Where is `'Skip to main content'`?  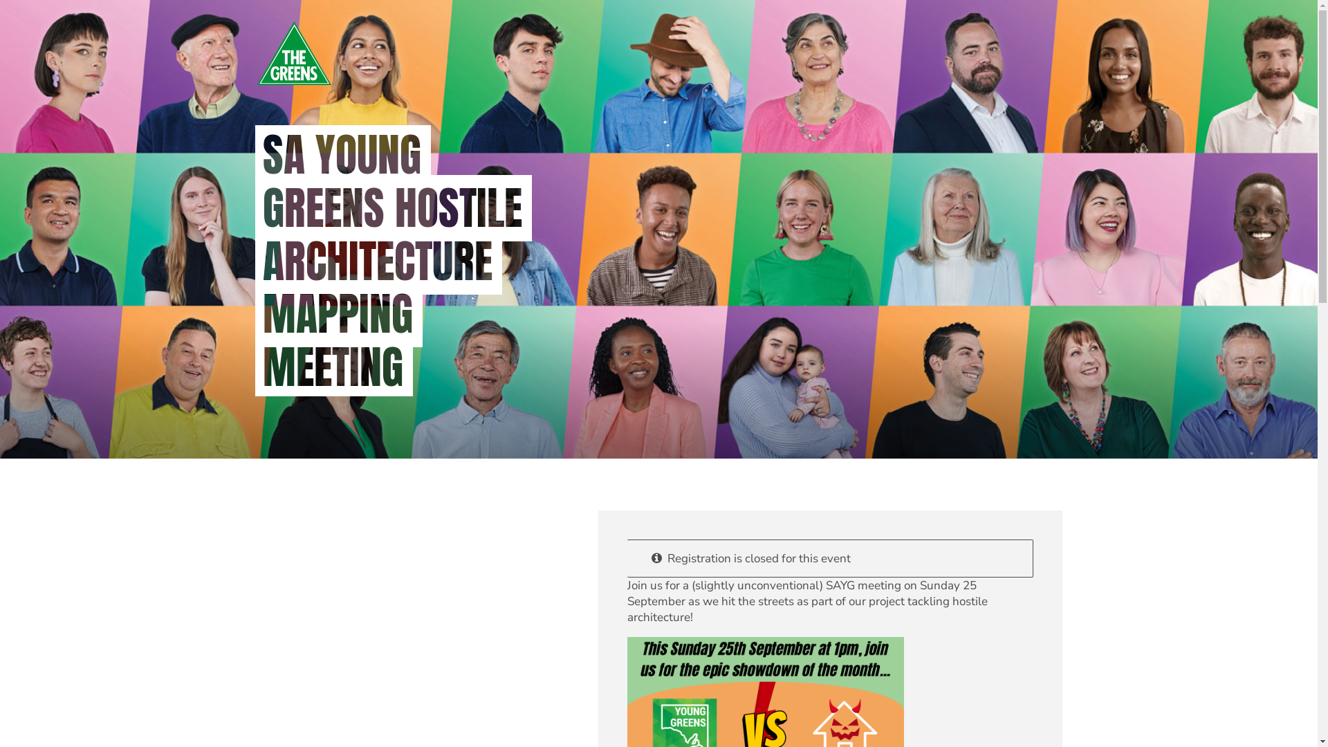
'Skip to main content' is located at coordinates (0, 0).